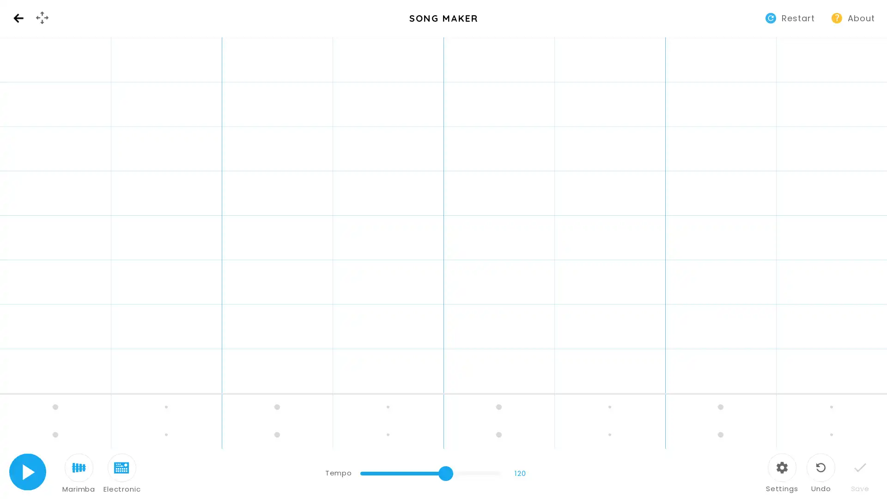  What do you see at coordinates (79, 474) in the screenshot?
I see `Marimba` at bounding box center [79, 474].